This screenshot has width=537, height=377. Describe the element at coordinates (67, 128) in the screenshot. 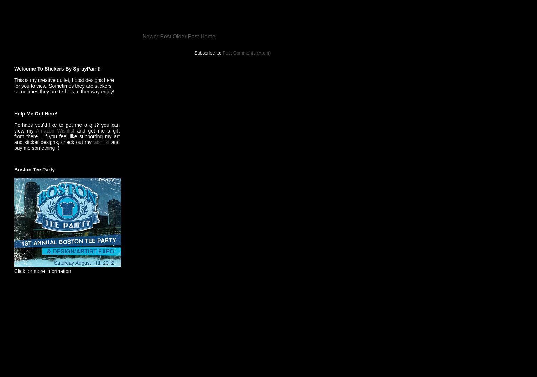

I see `'Perhaps you'd like to get me a gift? you can view my'` at that location.